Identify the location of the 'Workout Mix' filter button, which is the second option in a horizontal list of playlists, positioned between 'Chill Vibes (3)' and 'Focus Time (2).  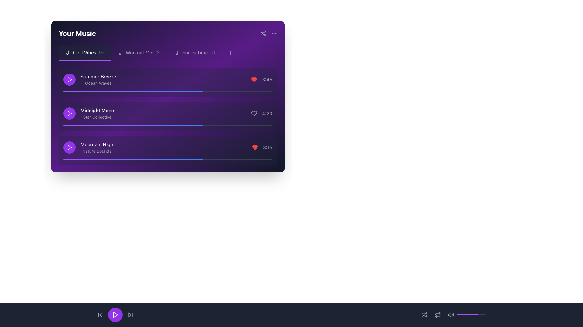
(139, 52).